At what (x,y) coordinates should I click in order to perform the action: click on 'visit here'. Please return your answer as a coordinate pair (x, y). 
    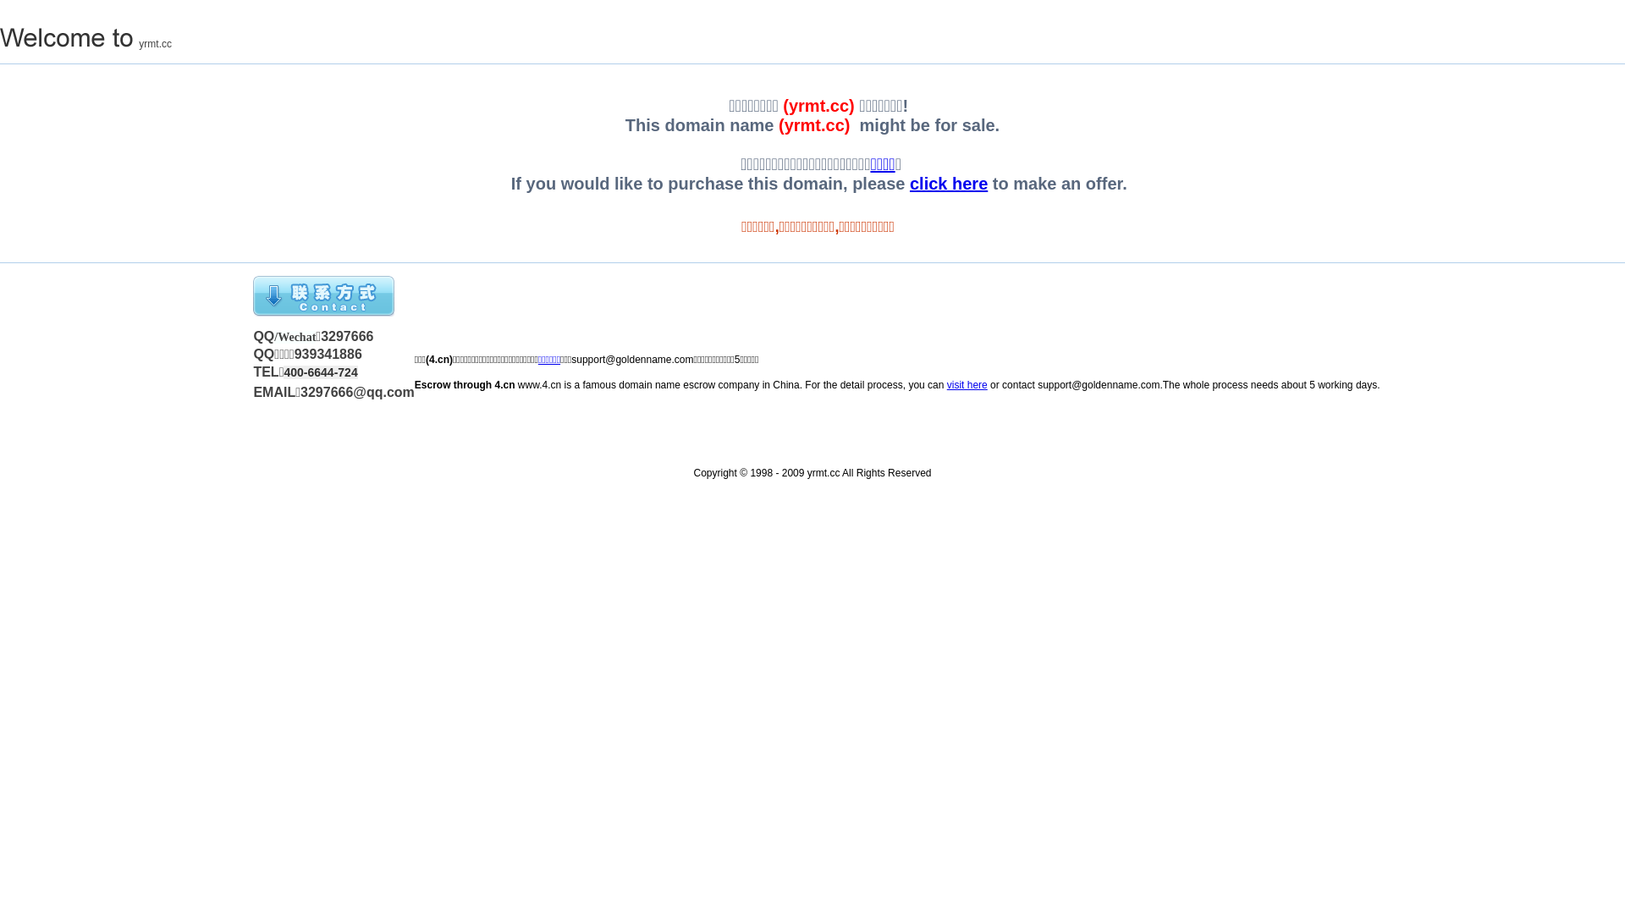
    Looking at the image, I should click on (967, 385).